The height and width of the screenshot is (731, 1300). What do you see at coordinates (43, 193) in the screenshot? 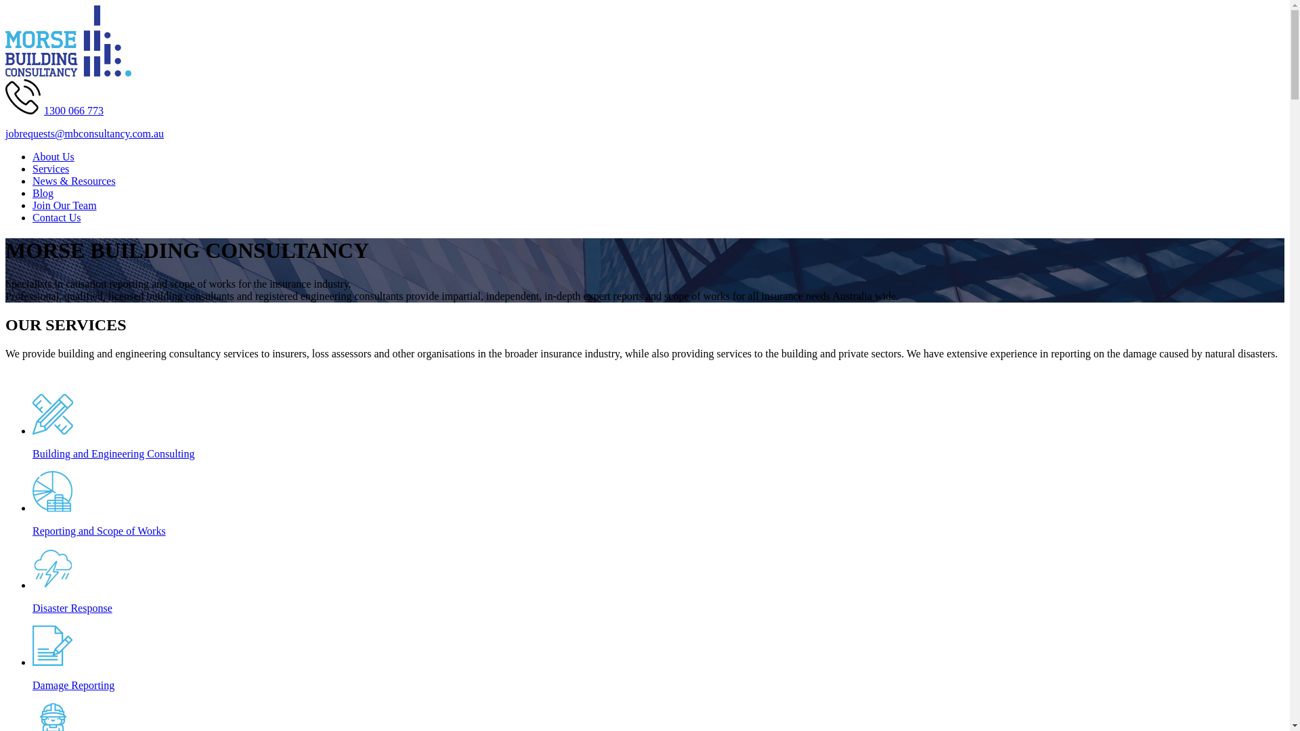
I see `'Blog'` at bounding box center [43, 193].